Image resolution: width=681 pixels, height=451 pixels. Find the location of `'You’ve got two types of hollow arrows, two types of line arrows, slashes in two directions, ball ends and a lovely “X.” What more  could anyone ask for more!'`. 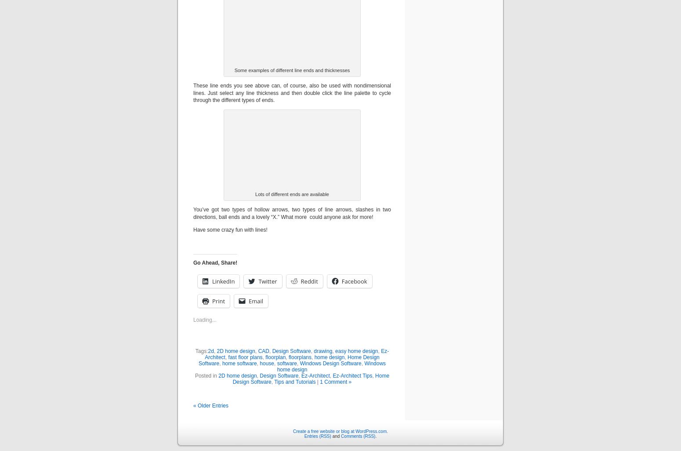

'You’ve got two types of hollow arrows, two types of line arrows, slashes in two directions, ball ends and a lovely “X.” What more  could anyone ask for more!' is located at coordinates (291, 213).